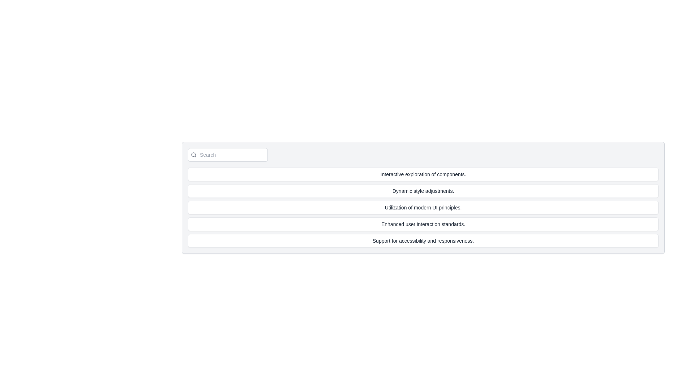  I want to click on the static text character 'i' in the highlighted sentence 'Support for accessibility and responsiveness.', positioned between 'accessibility' and 'and.', so click(421, 241).